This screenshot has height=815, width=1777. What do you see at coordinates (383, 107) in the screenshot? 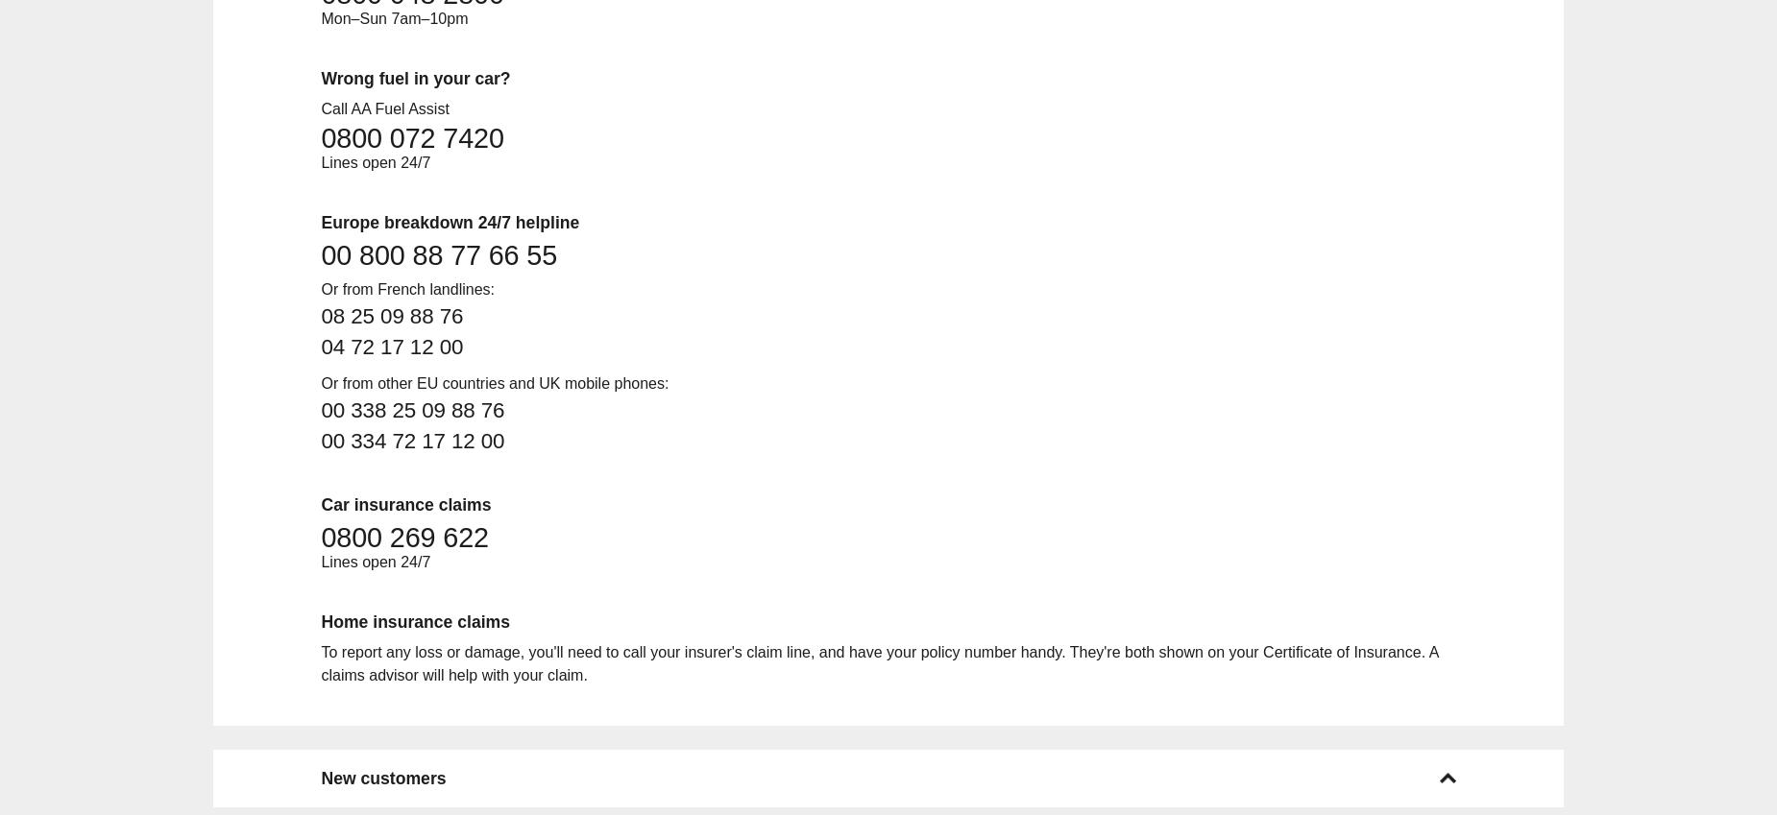
I see `'Call AA Fuel Assist'` at bounding box center [383, 107].